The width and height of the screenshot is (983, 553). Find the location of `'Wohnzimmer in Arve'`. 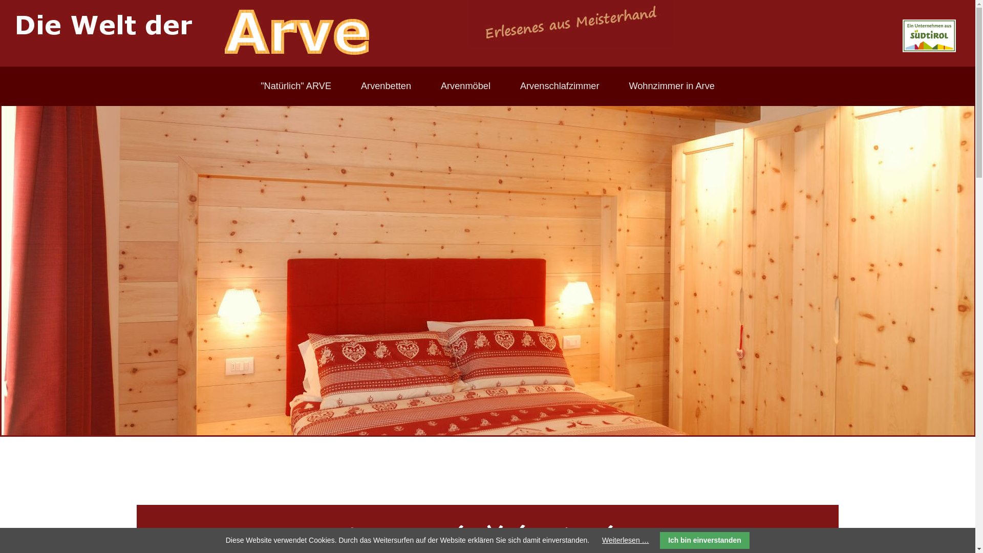

'Wohnzimmer in Arve' is located at coordinates (671, 86).